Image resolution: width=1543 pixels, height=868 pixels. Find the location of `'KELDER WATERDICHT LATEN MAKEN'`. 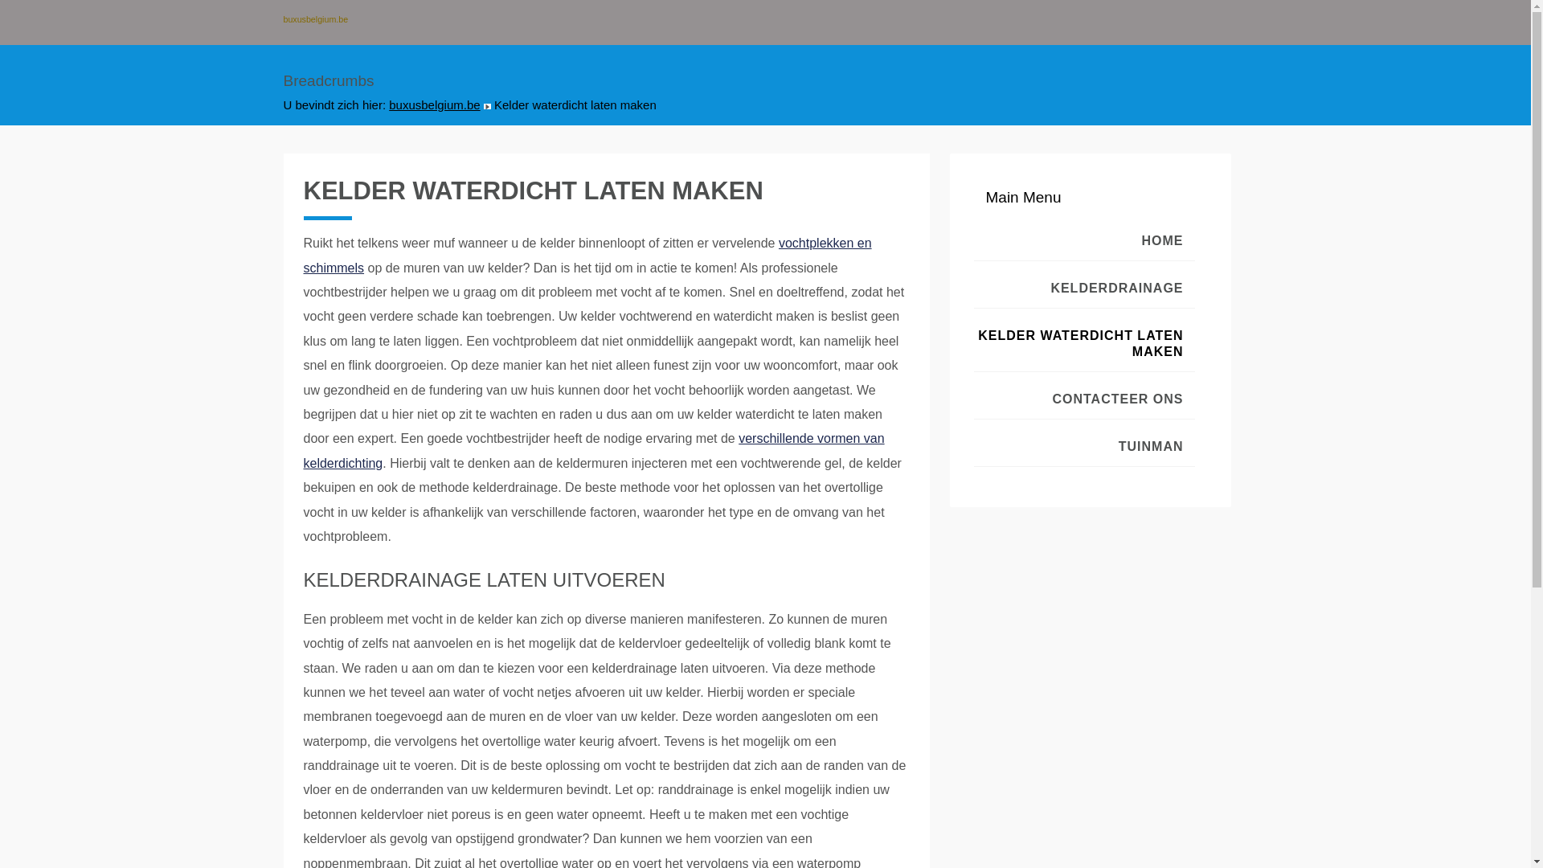

'KELDER WATERDICHT LATEN MAKEN' is located at coordinates (1084, 343).